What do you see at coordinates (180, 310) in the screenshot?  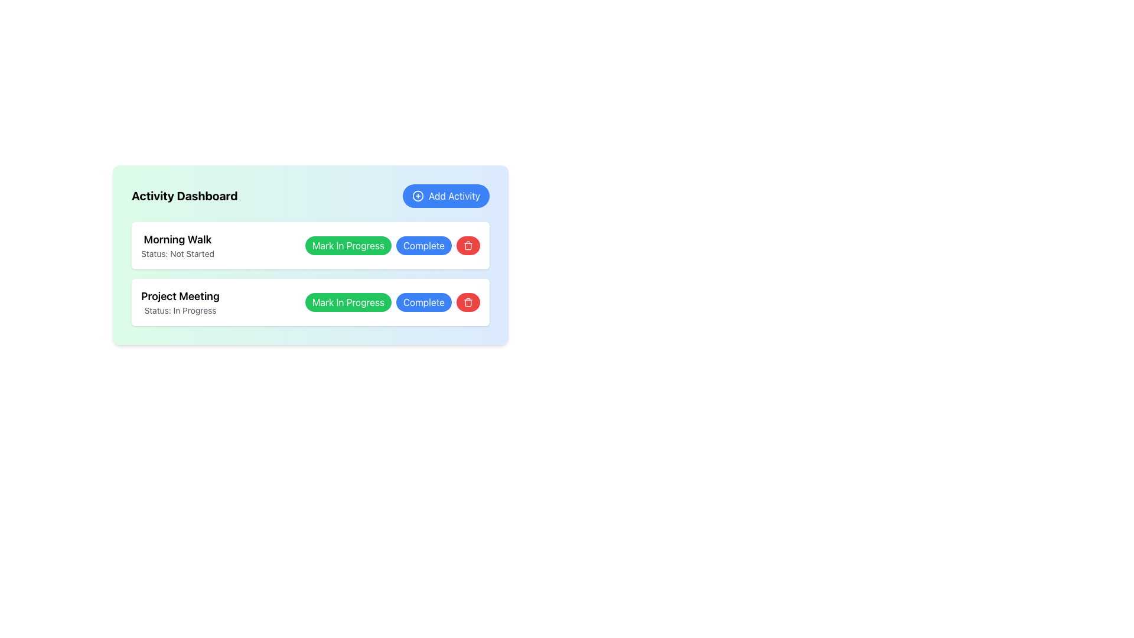 I see `status information displayed in gray text saying 'Status: In Progress', which is located below the 'Project Meeting' text in the Activity Dashboard` at bounding box center [180, 310].